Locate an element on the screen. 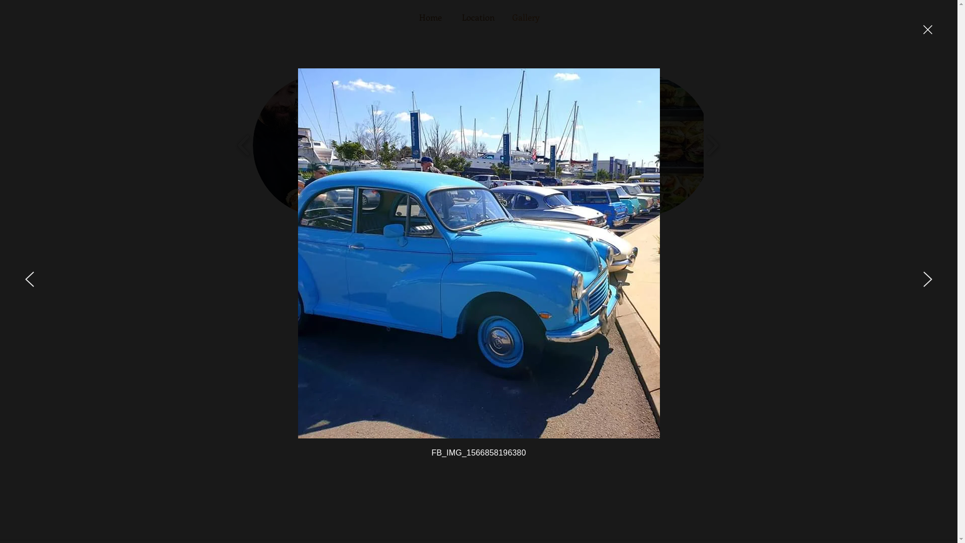 The width and height of the screenshot is (965, 543). 'Gallery' is located at coordinates (525, 17).